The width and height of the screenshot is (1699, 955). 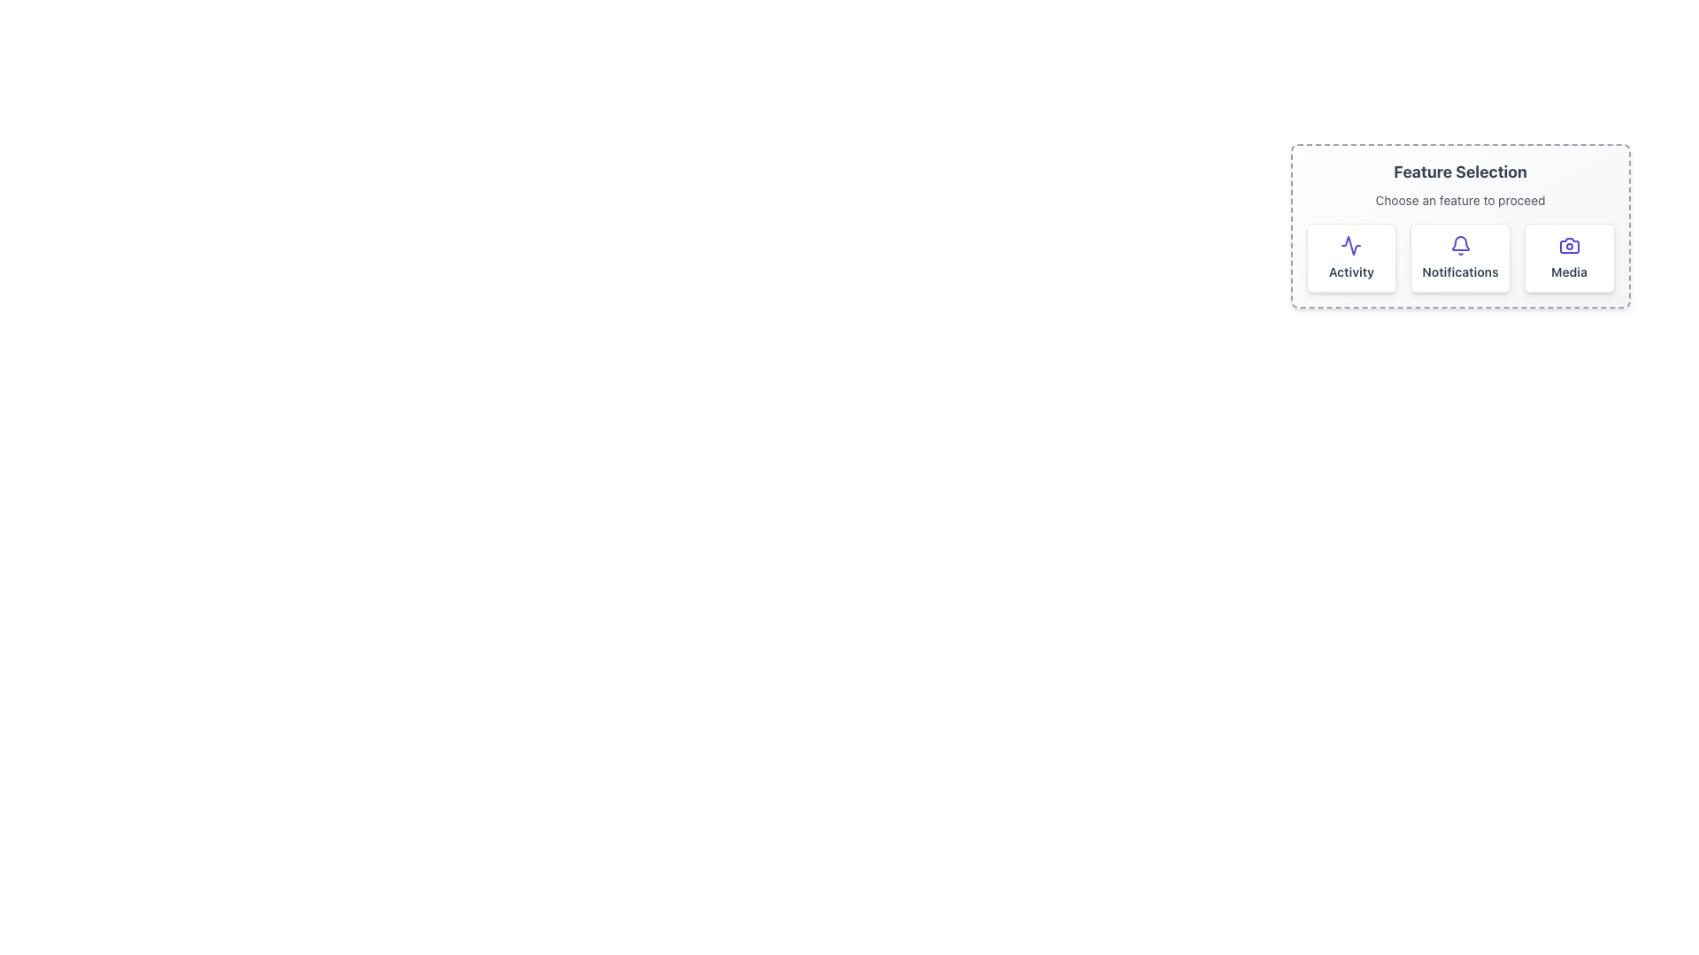 I want to click on the 'Activity' text label, which is bold, small-sized, gray, and located below an icon in a horizontal selection of features, so click(x=1350, y=272).